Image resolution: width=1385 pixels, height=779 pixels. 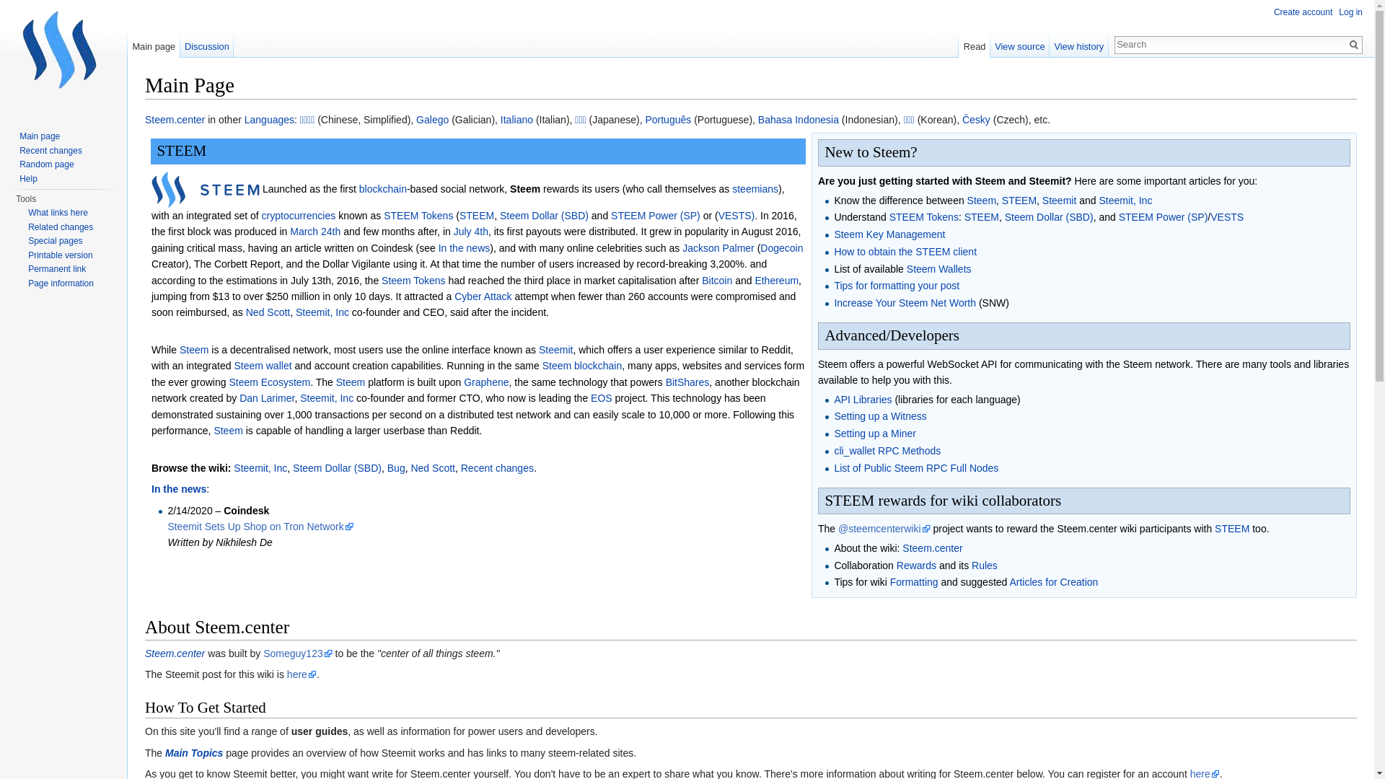 What do you see at coordinates (874, 433) in the screenshot?
I see `'Setting up a Miner'` at bounding box center [874, 433].